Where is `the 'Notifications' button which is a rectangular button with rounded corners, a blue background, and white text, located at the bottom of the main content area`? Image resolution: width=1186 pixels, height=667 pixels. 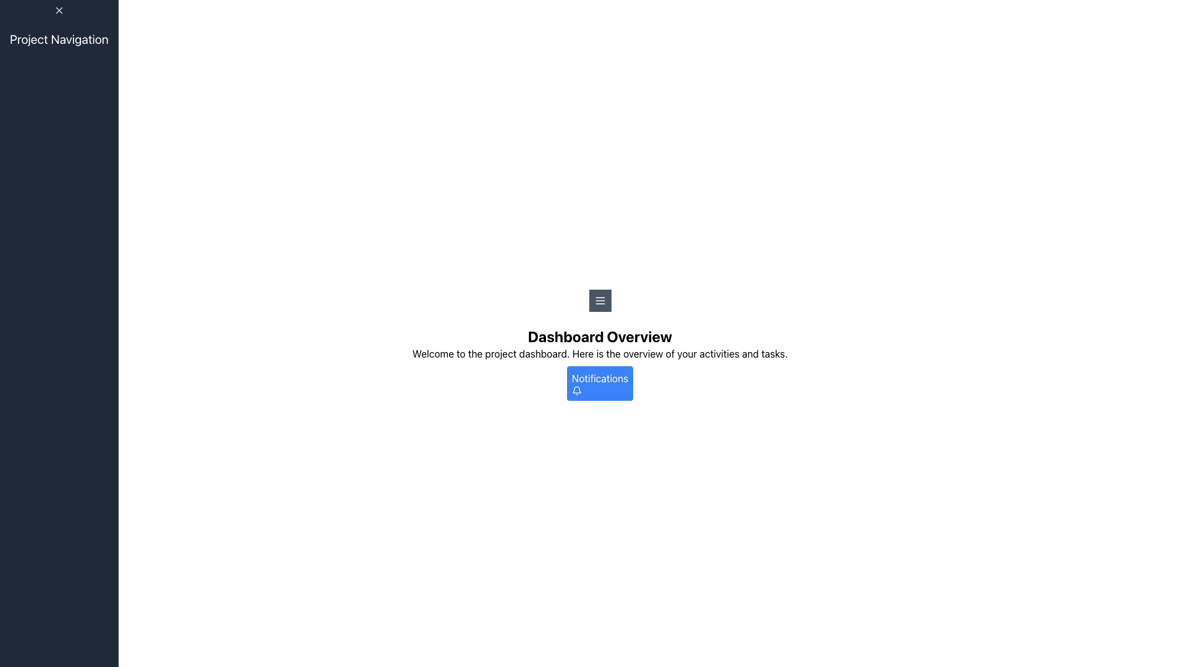 the 'Notifications' button which is a rectangular button with rounded corners, a blue background, and white text, located at the bottom of the main content area is located at coordinates (600, 383).